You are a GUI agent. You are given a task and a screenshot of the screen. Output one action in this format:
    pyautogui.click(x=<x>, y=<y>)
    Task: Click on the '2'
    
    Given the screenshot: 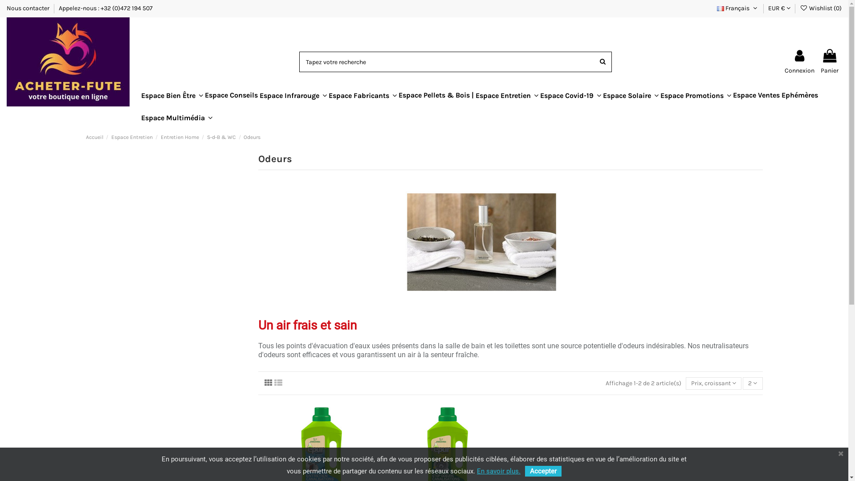 What is the action you would take?
    pyautogui.click(x=752, y=383)
    